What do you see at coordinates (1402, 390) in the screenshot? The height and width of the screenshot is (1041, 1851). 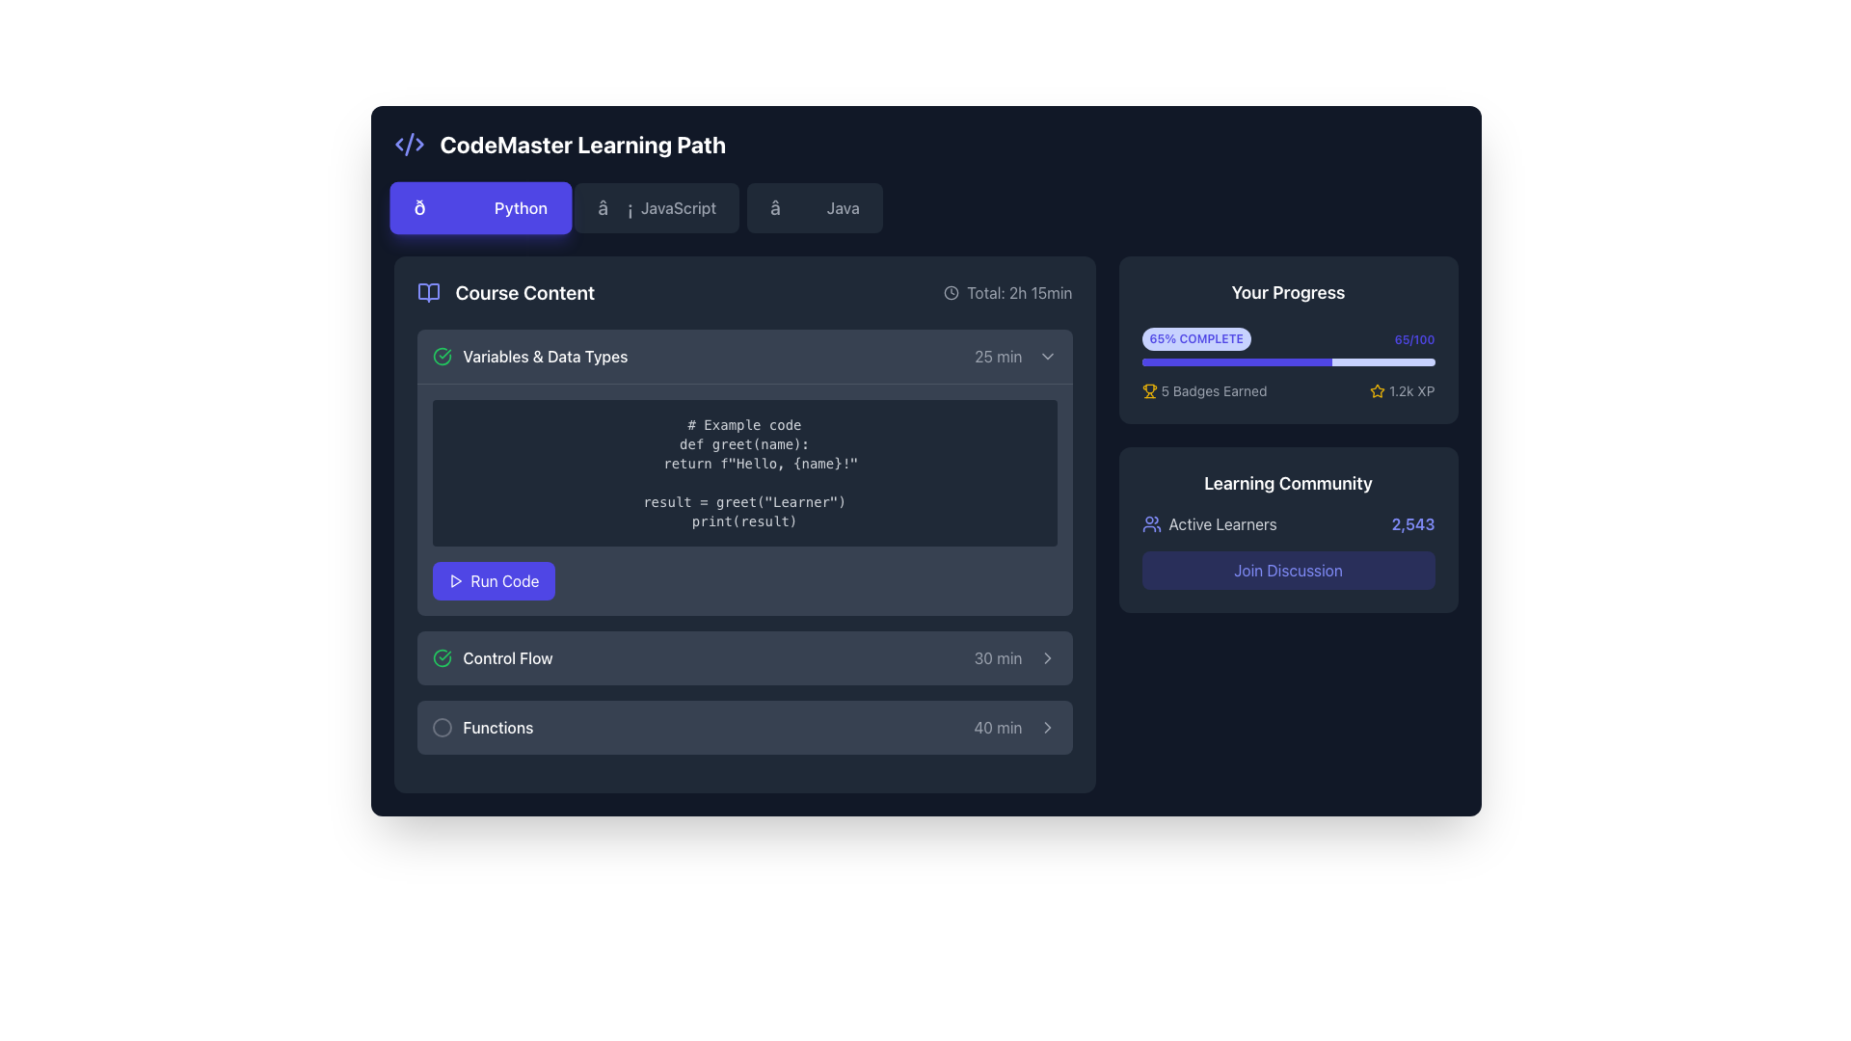 I see `text '1.2k XP' from the yellow star icon located under the 'Your Progress' header, which is the second element in a horizontal alignment` at bounding box center [1402, 390].